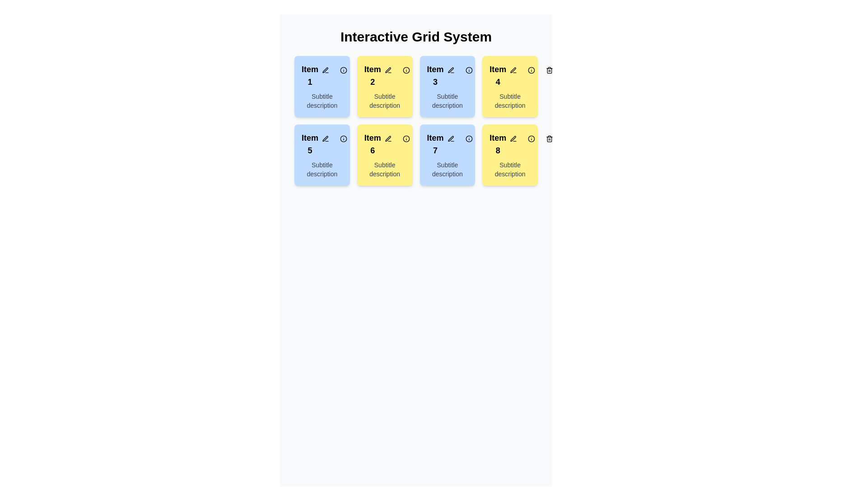  I want to click on text content of the label located in the fourth card of the top row, which identifies the associated content or functionality, so click(497, 75).